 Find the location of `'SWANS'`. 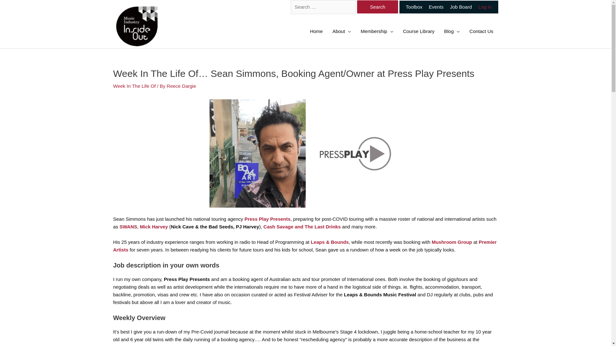

'SWANS' is located at coordinates (120, 226).